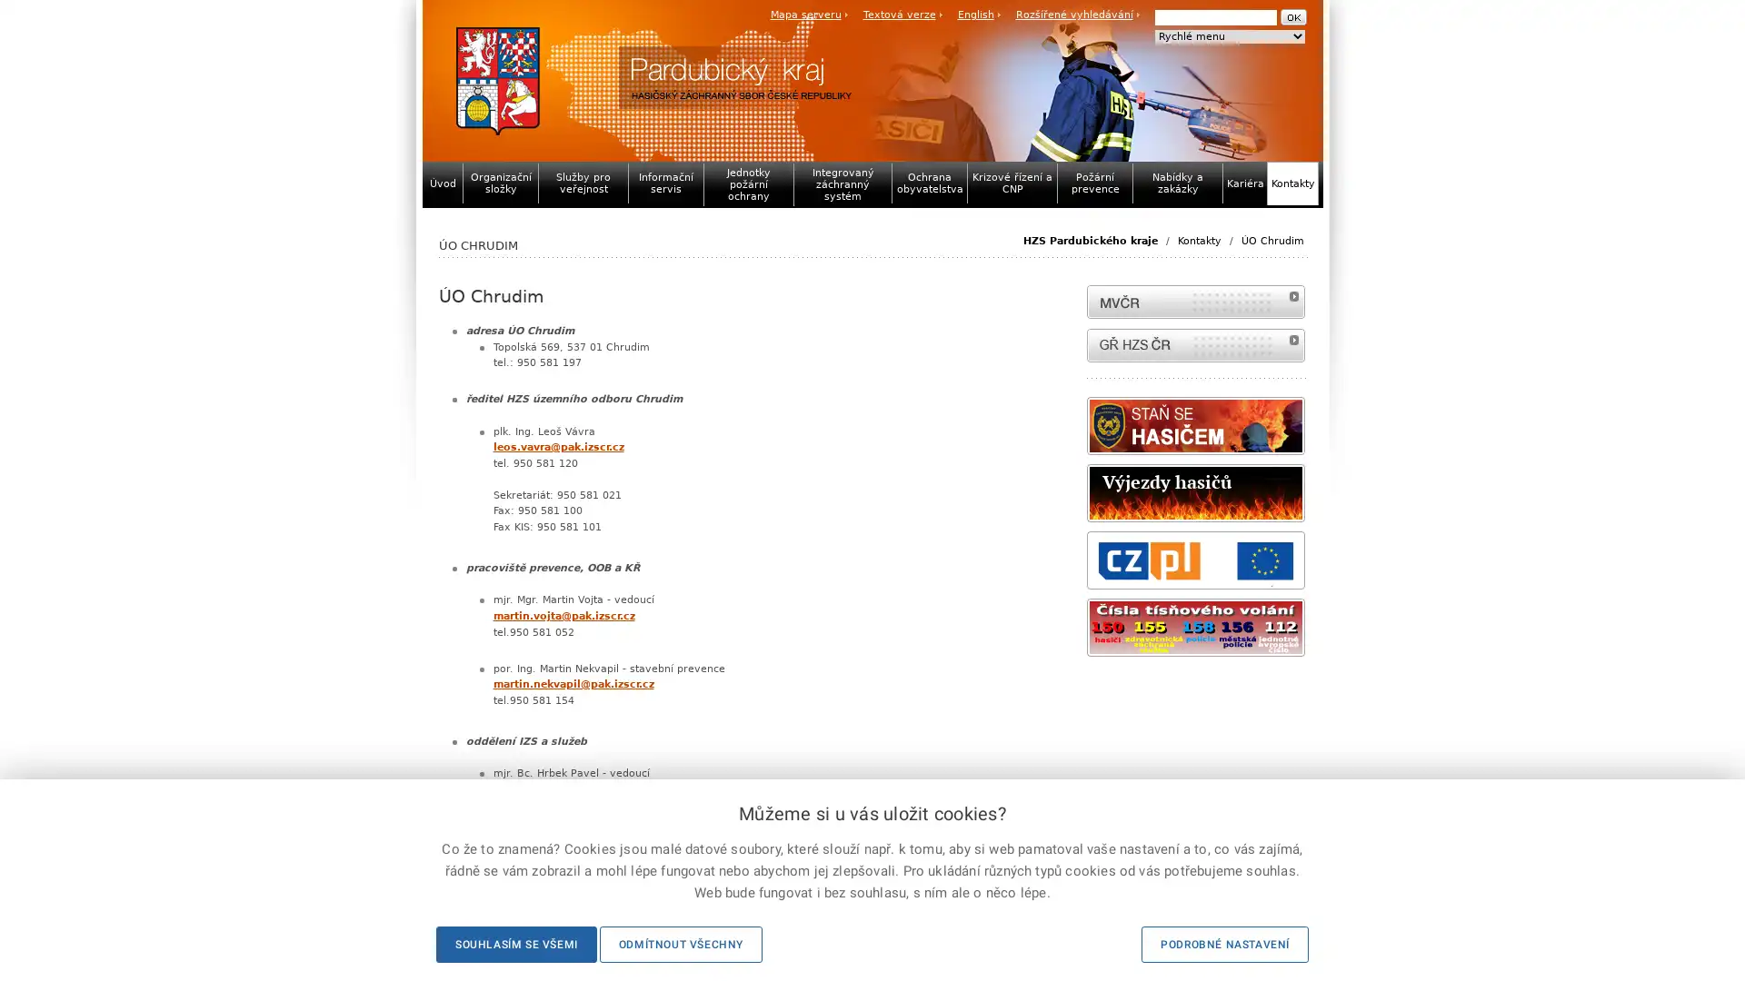 The height and width of the screenshot is (981, 1745). I want to click on ODMITNOUT VSECHNY, so click(679, 944).